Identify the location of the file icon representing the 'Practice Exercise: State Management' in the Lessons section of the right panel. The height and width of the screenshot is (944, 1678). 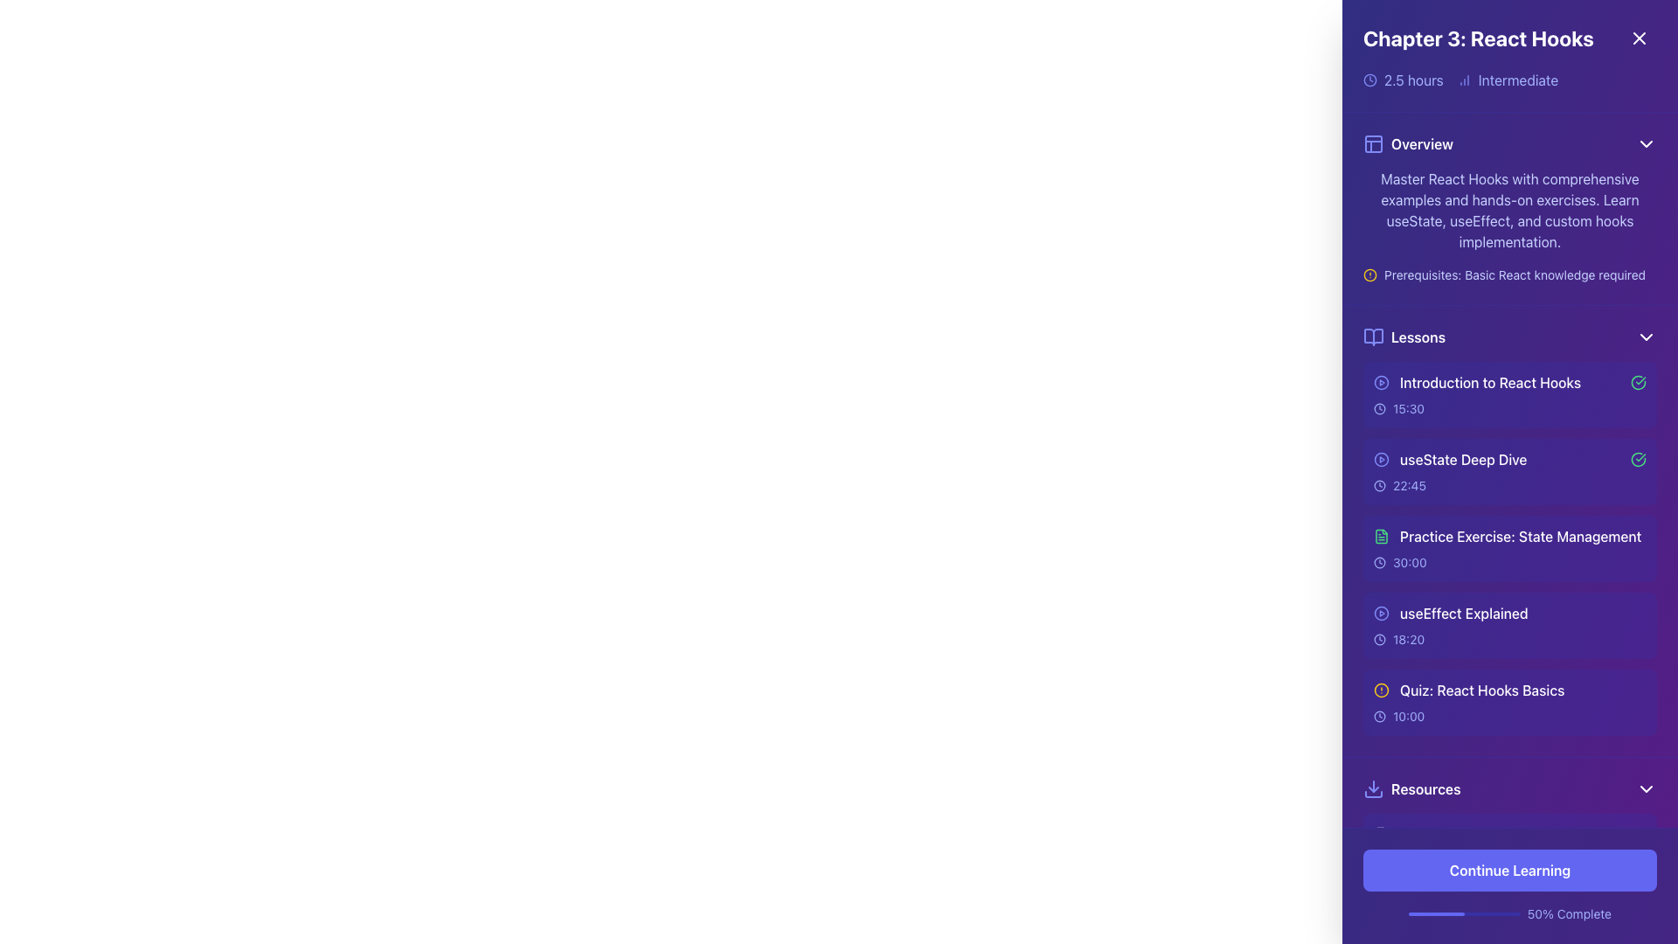
(1380, 535).